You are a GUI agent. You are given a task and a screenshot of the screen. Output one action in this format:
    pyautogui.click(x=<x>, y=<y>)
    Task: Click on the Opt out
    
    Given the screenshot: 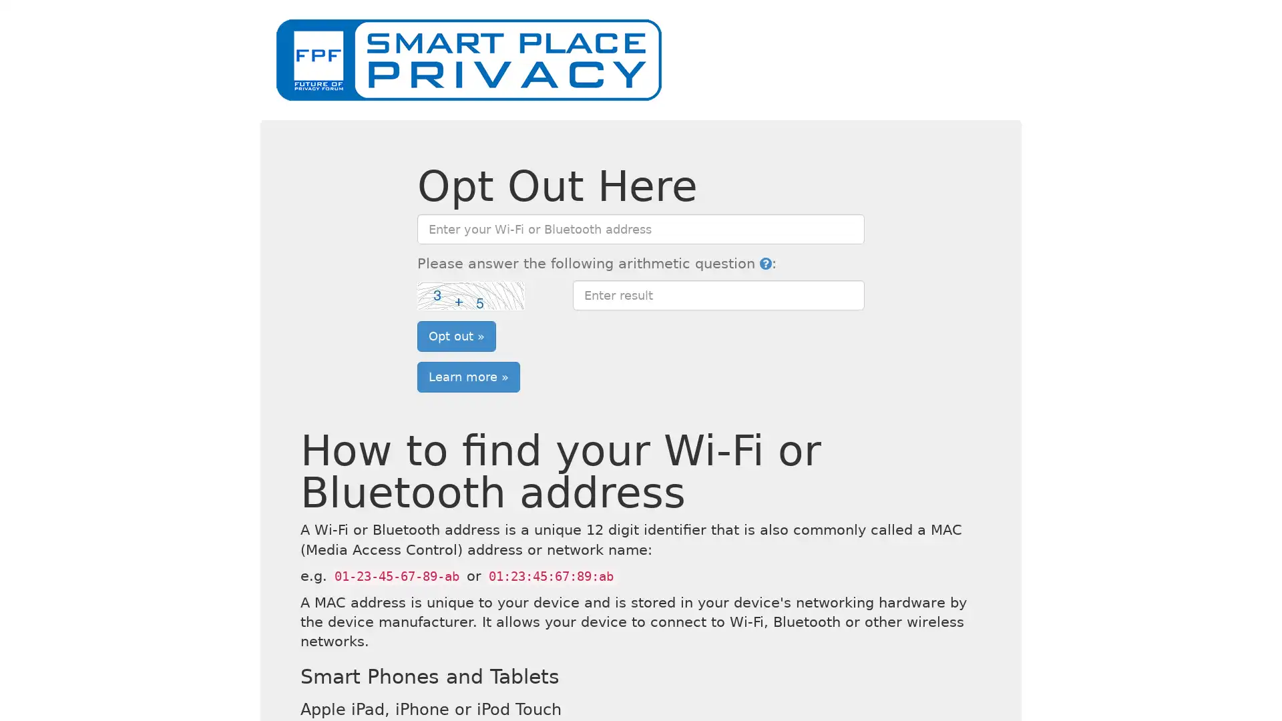 What is the action you would take?
    pyautogui.click(x=456, y=334)
    